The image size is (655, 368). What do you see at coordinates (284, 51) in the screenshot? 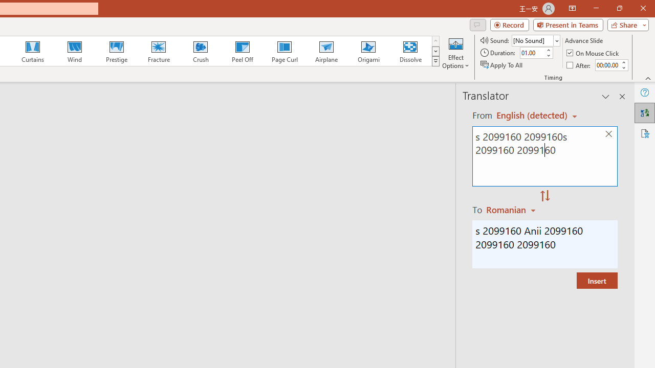
I see `'Page Curl'` at bounding box center [284, 51].